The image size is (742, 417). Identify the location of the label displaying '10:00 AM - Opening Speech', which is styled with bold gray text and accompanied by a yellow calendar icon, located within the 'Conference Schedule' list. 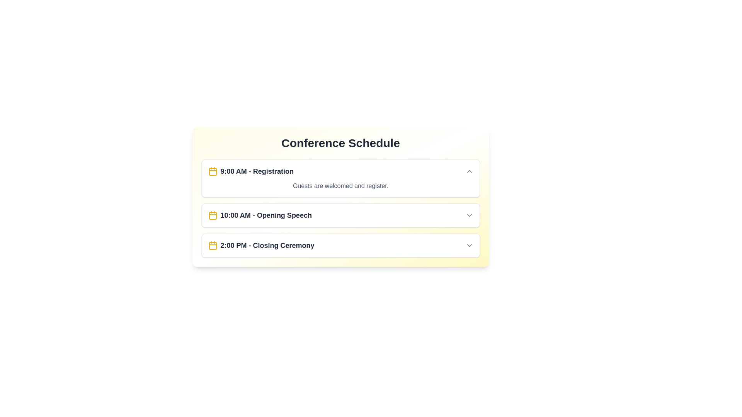
(260, 215).